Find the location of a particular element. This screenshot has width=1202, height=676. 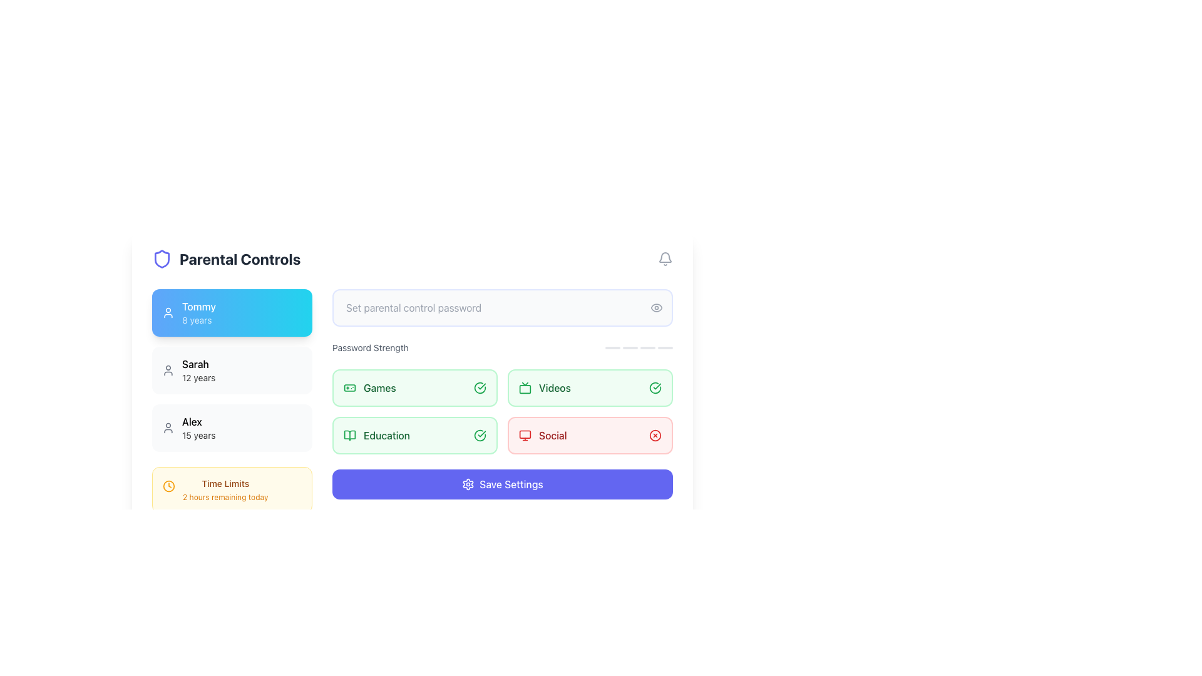

the approval icon within the 'Education' list item in the settings section, indicating a successful state for user actions is located at coordinates (480, 434).